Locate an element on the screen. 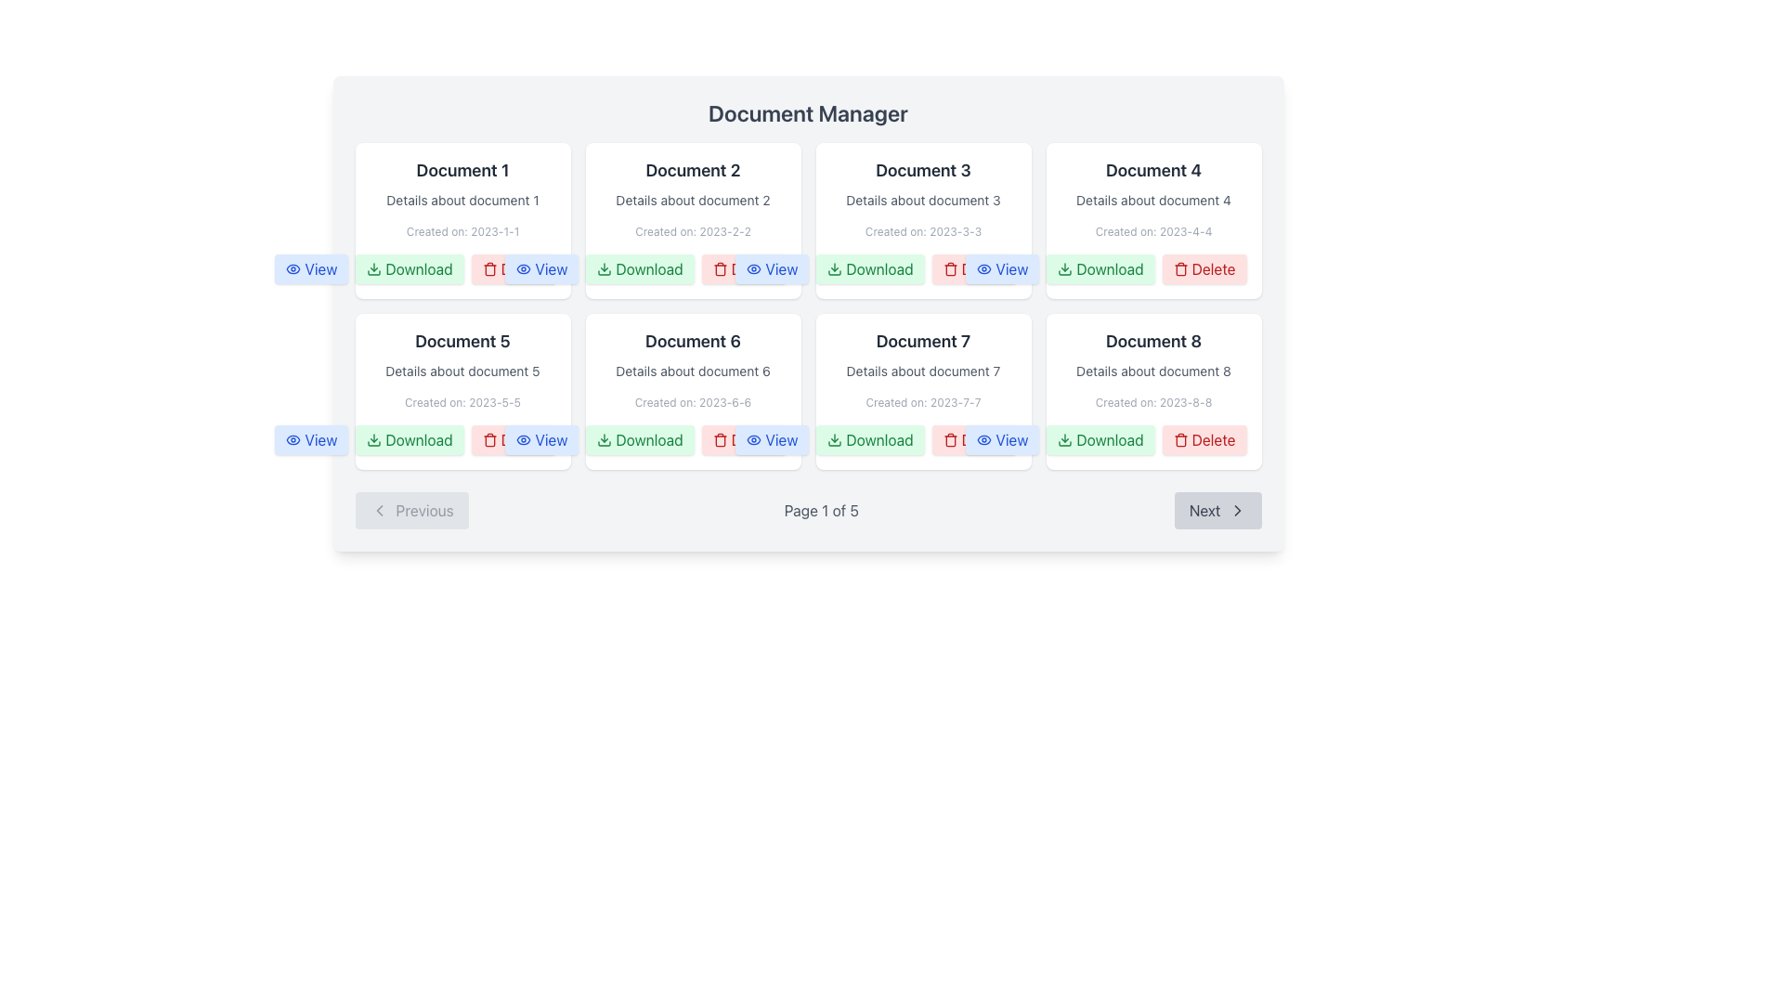 The height and width of the screenshot is (1003, 1783). the informational text label that provides the creation date of 'Document 3', located at the bottom of its card in the Document Manager interface is located at coordinates (923, 231).